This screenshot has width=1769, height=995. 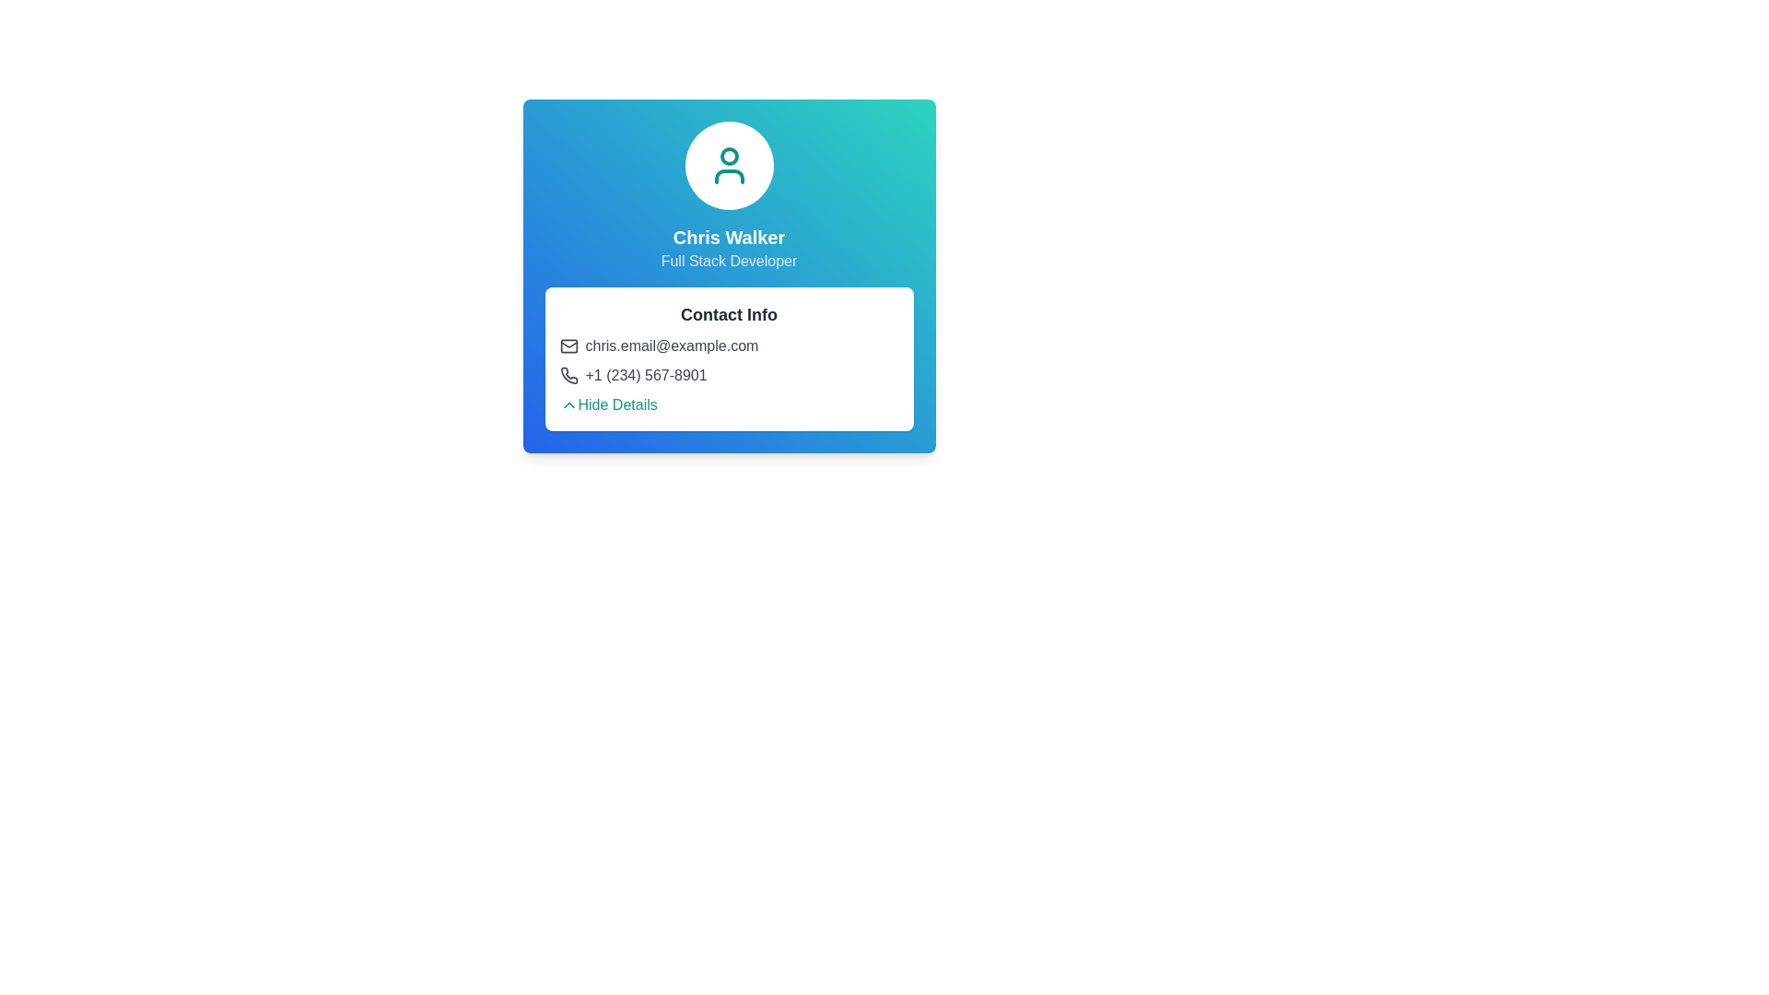 What do you see at coordinates (728, 262) in the screenshot?
I see `the static text element that reads 'Full Stack Developer', which is styled in grayish color and located below the name 'Chris Walker' in the profile information section` at bounding box center [728, 262].